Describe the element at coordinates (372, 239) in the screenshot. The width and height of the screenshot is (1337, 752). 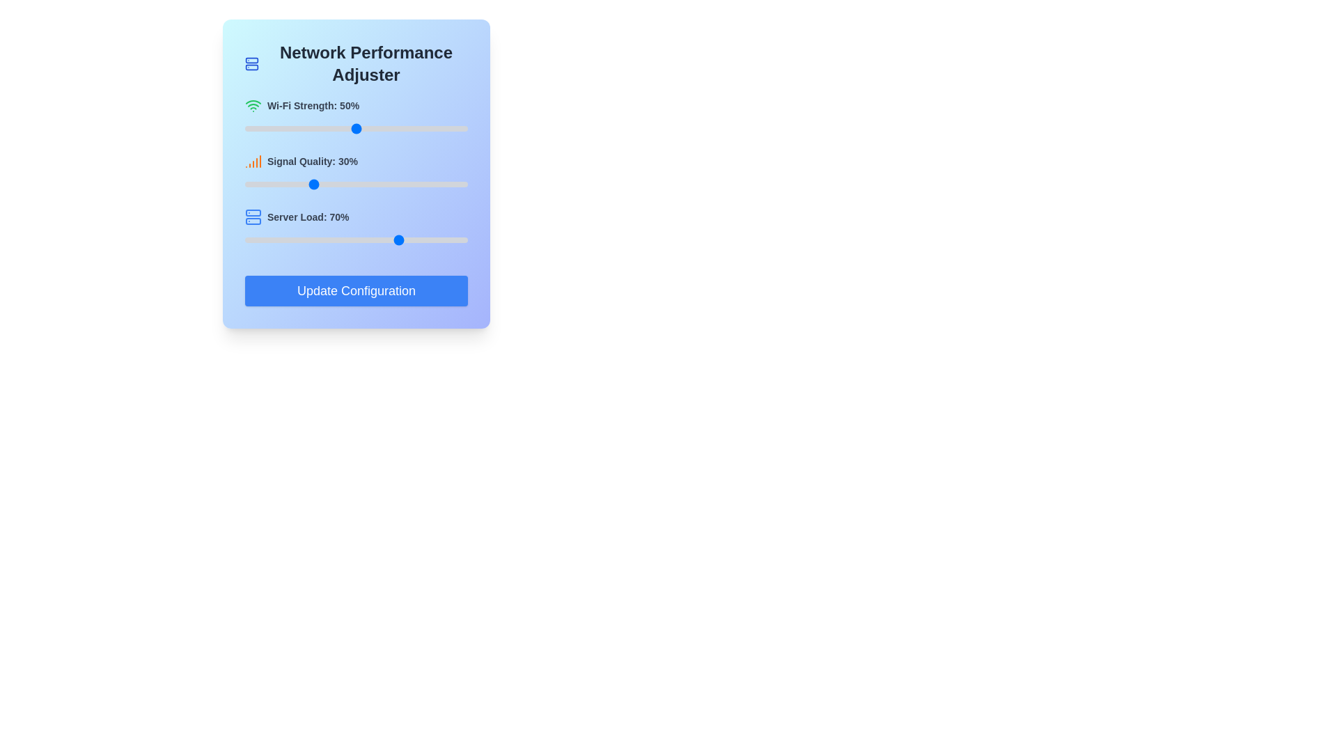
I see `the server load slider` at that location.